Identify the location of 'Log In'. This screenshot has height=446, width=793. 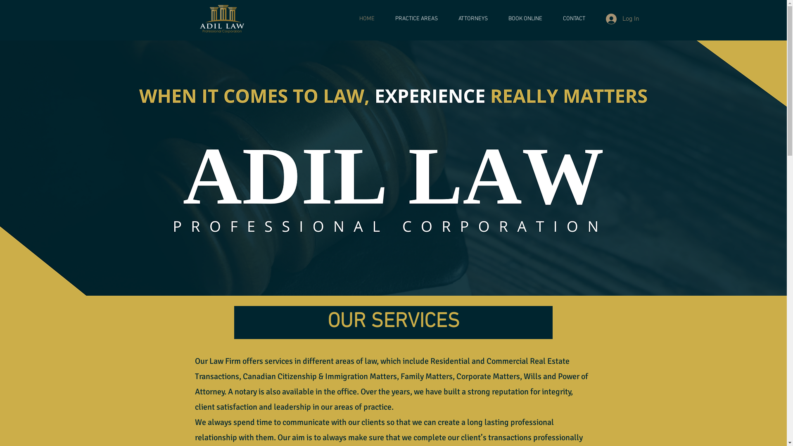
(622, 19).